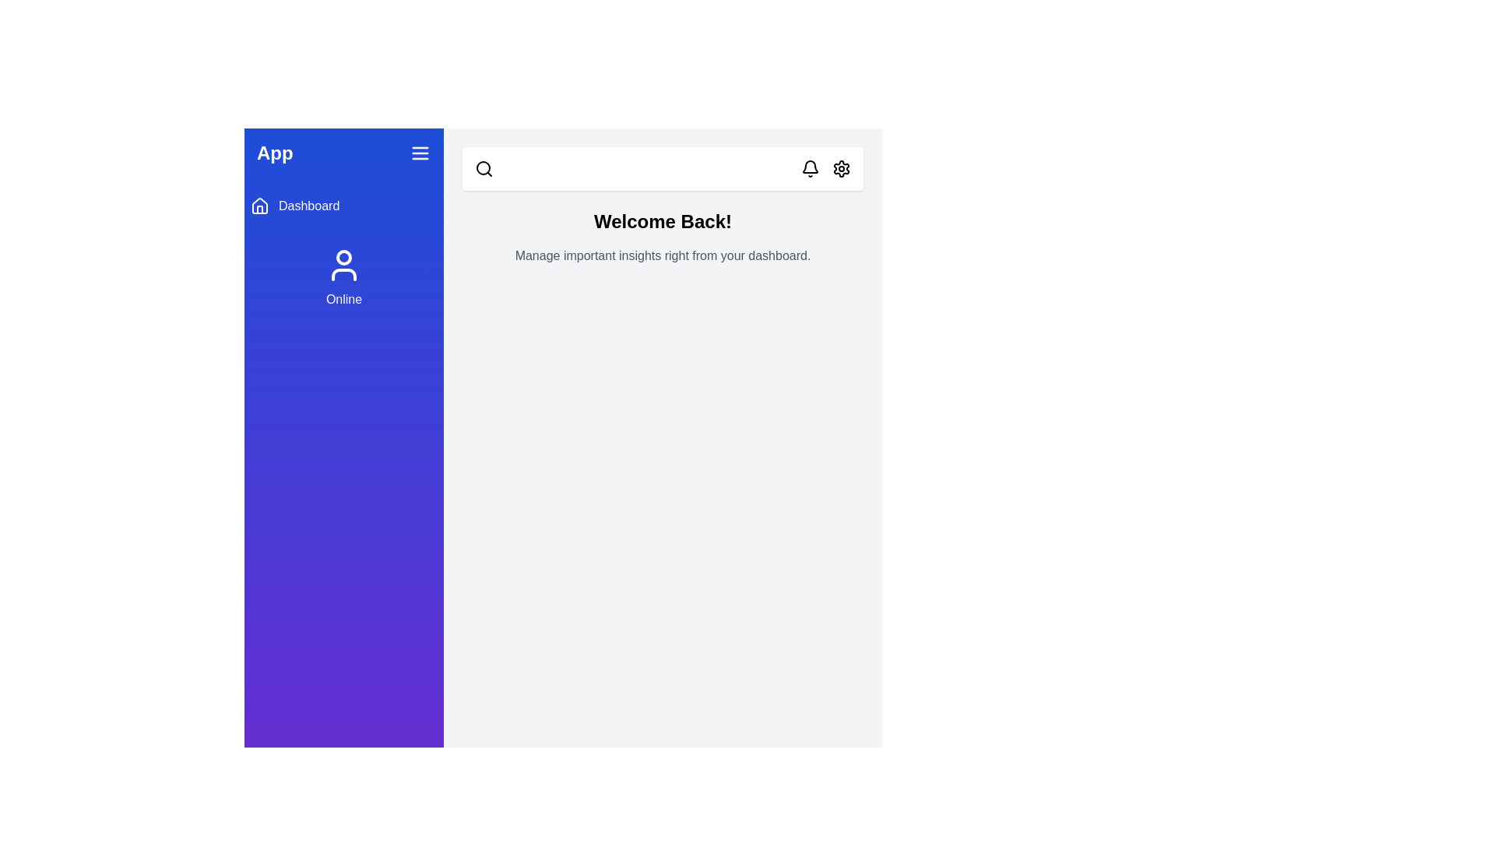  What do you see at coordinates (343, 277) in the screenshot?
I see `the user status section in the sidebar` at bounding box center [343, 277].